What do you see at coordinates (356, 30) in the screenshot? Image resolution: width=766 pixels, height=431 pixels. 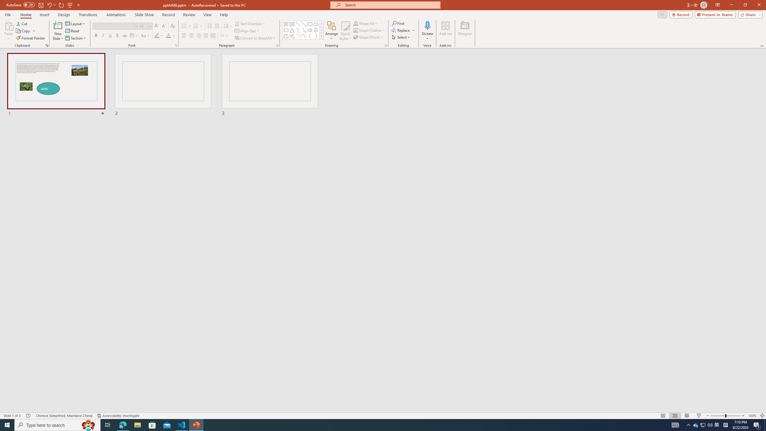 I see `'Shape Outline Teal, Accent 1'` at bounding box center [356, 30].